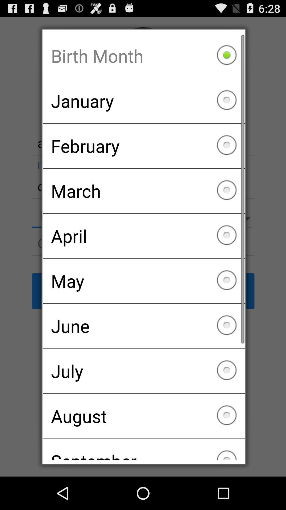  What do you see at coordinates (144, 146) in the screenshot?
I see `february` at bounding box center [144, 146].